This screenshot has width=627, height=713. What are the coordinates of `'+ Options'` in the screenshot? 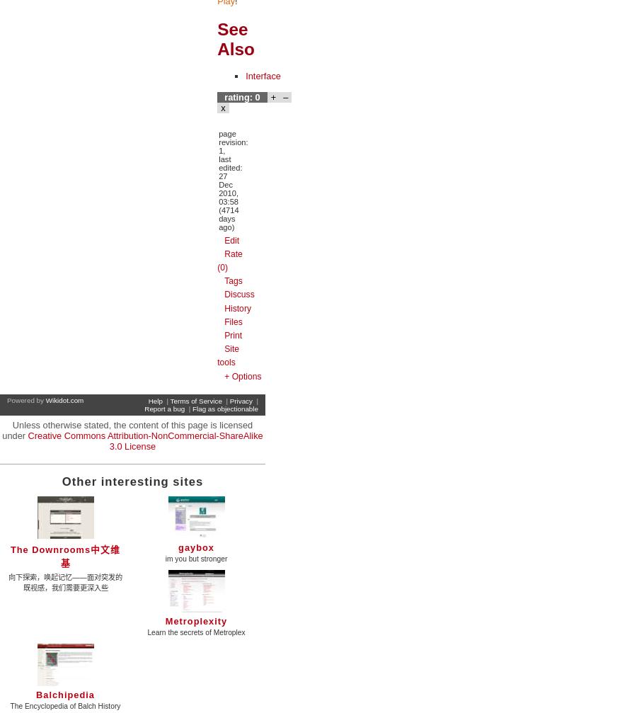 It's located at (224, 375).